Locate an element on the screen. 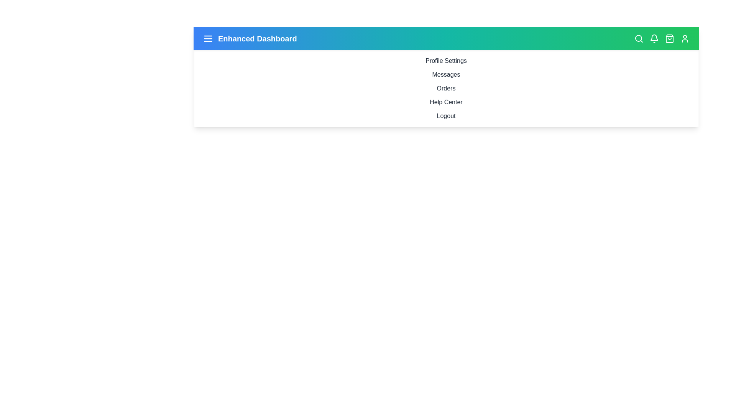 The image size is (736, 414). the sidebar menu item Orders is located at coordinates (446, 88).